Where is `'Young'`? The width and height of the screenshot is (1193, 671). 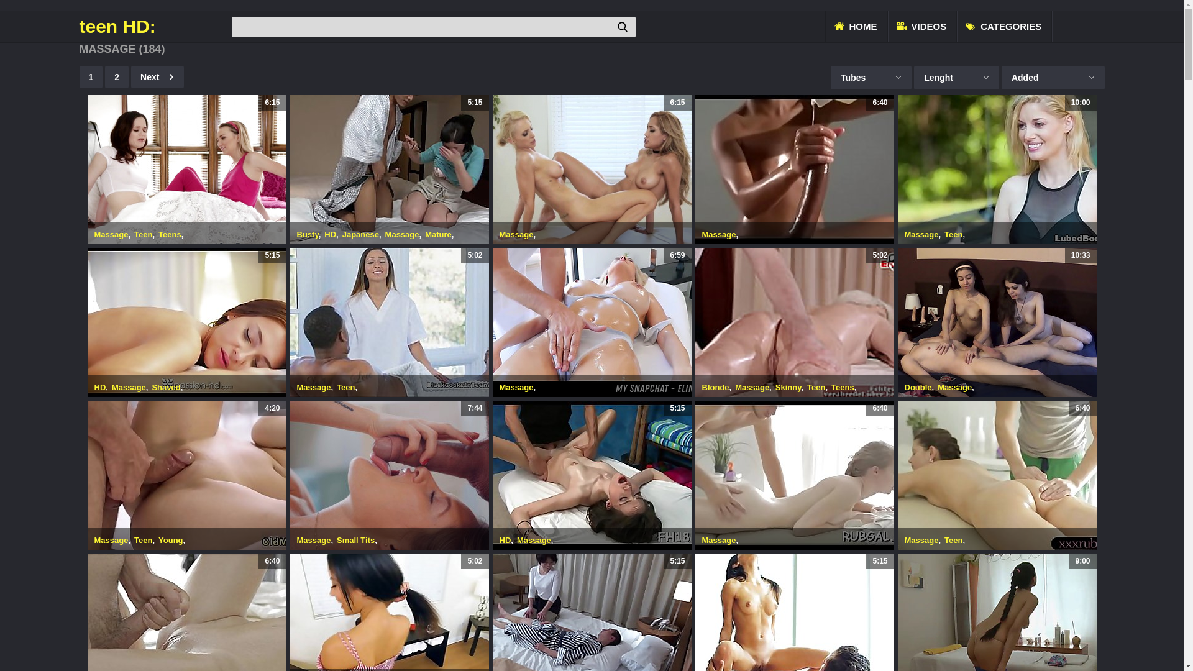 'Young' is located at coordinates (157, 539).